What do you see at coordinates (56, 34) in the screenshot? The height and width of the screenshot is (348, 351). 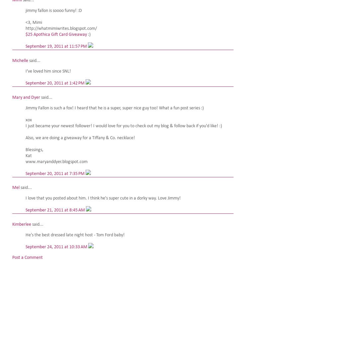 I see `'$25 Apothica Gift Card Giveaway'` at bounding box center [56, 34].